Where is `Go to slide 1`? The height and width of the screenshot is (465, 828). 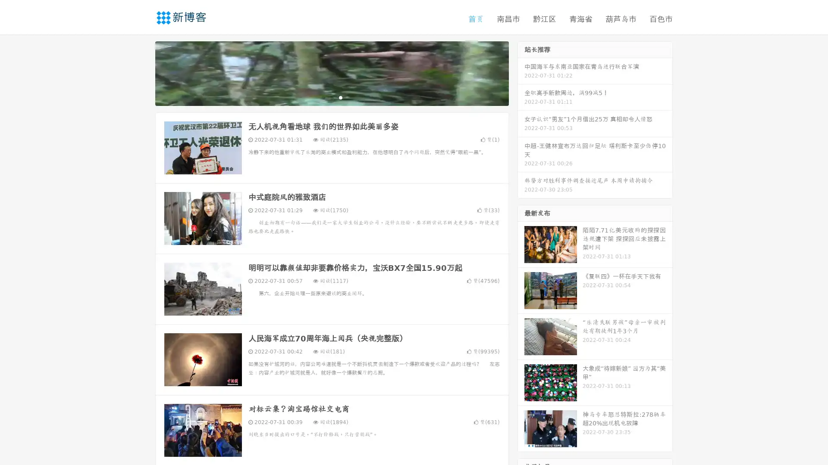 Go to slide 1 is located at coordinates (323, 97).